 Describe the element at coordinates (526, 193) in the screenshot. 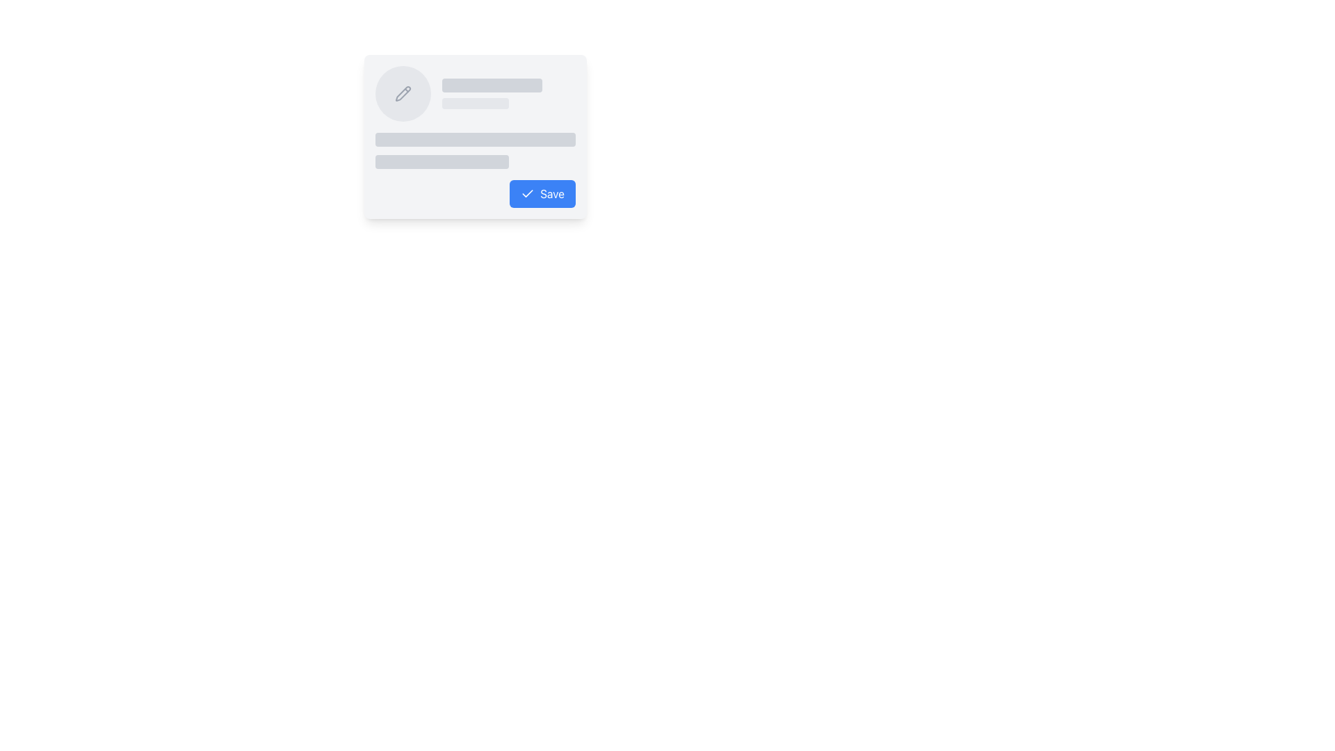

I see `the checkmark icon located within the 'Save' button, which has a blue background and white text, positioned at the lower section of the card interface` at that location.